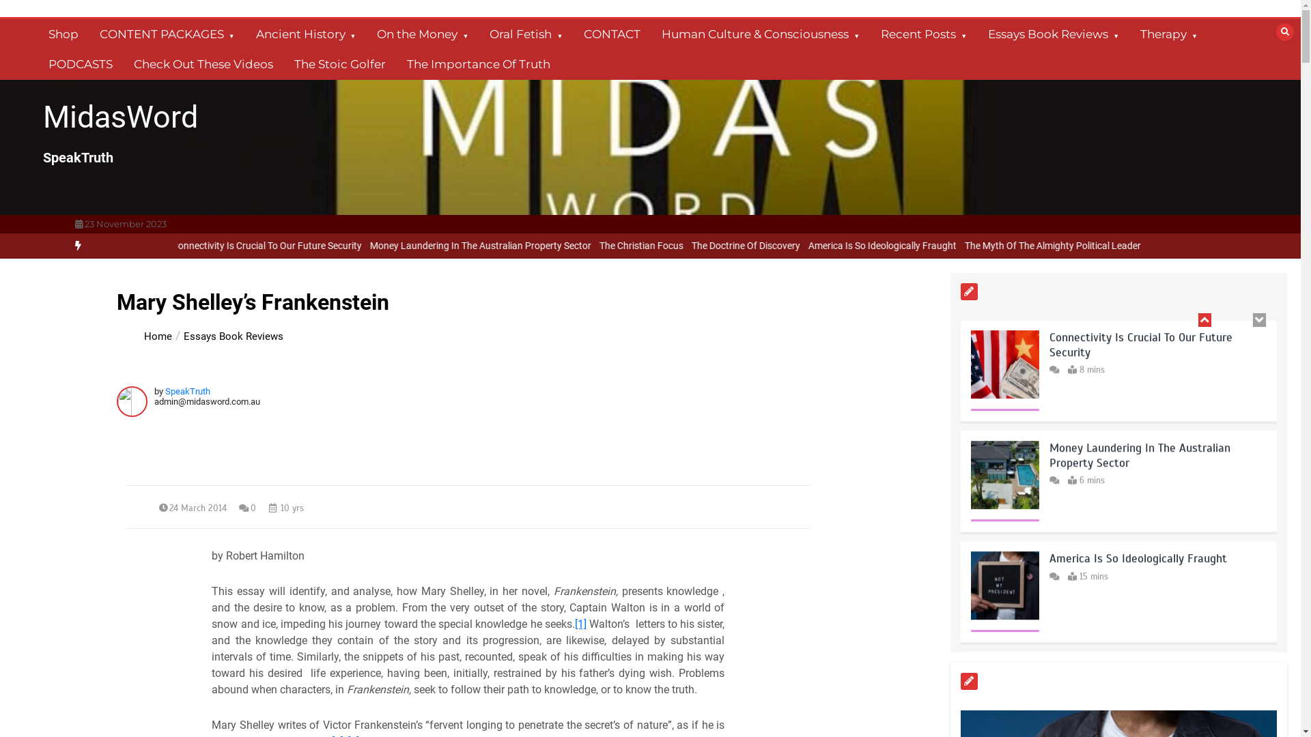 The height and width of the screenshot is (737, 1311). I want to click on 'The Importance Of Truth', so click(478, 63).